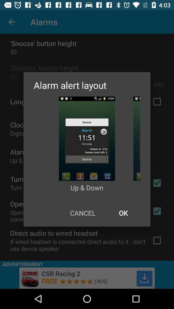 The height and width of the screenshot is (309, 174). I want to click on the icon to the right of cancel icon, so click(123, 213).